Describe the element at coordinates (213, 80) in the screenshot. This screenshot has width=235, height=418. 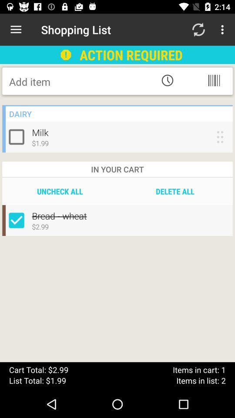
I see `use barcode` at that location.